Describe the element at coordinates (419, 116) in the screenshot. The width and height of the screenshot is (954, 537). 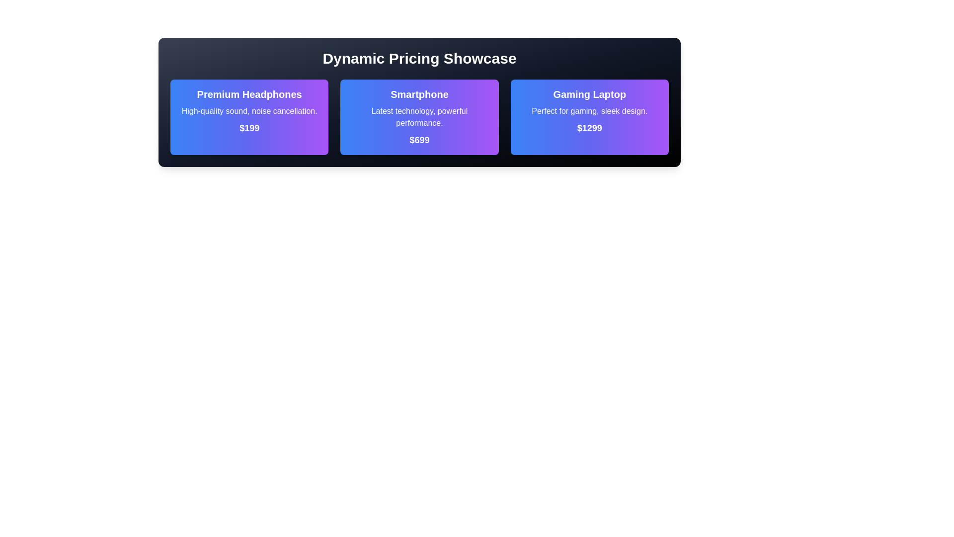
I see `the text area that describes the features of the 'Smartphone' product, positioned under the header 'Smartphone' and above the price '$699'` at that location.